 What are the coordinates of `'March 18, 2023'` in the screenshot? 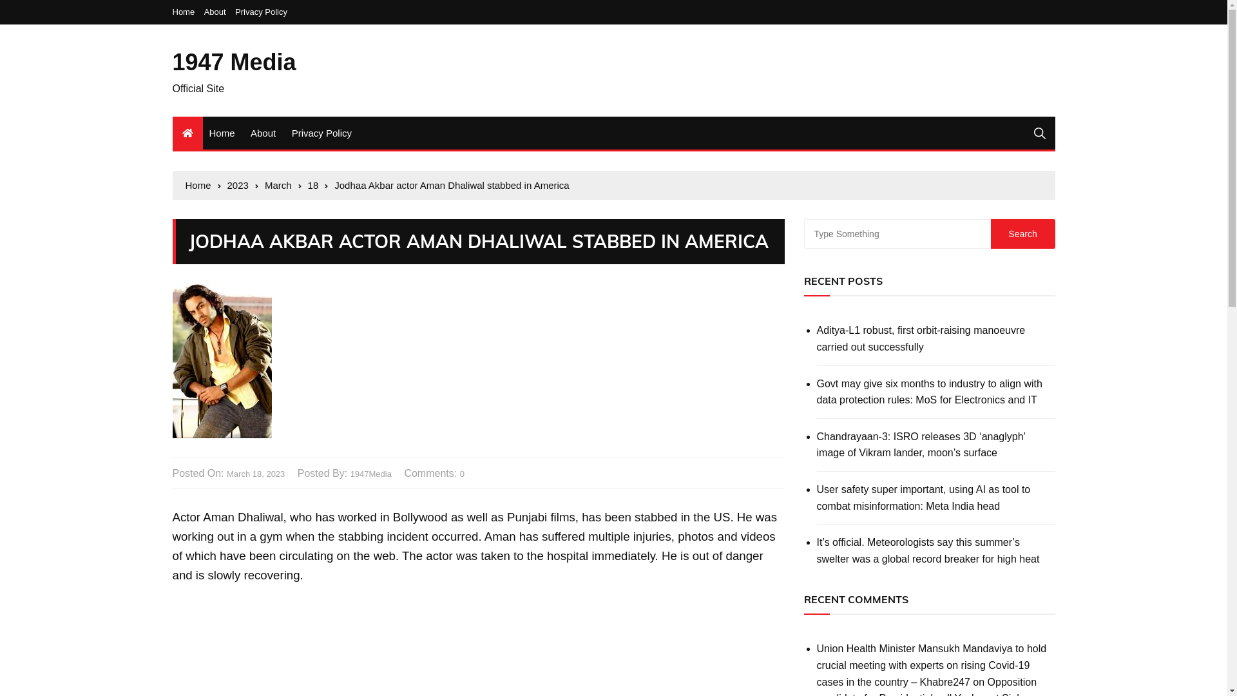 It's located at (226, 474).